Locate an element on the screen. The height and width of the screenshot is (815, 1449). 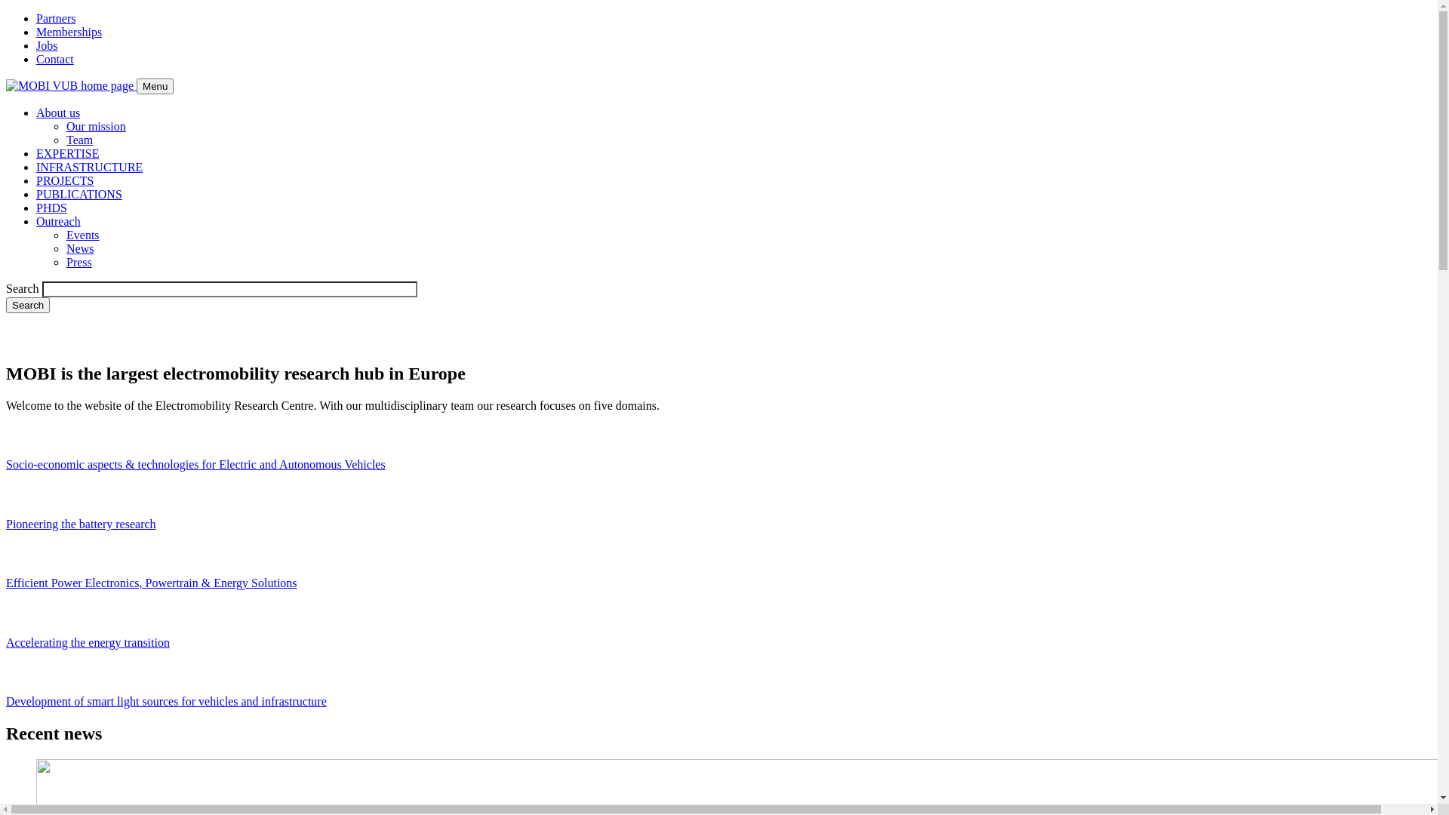
'Outreach' is located at coordinates (58, 221).